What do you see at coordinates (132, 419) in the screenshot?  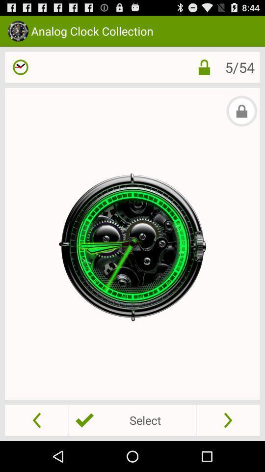 I see `the select item` at bounding box center [132, 419].